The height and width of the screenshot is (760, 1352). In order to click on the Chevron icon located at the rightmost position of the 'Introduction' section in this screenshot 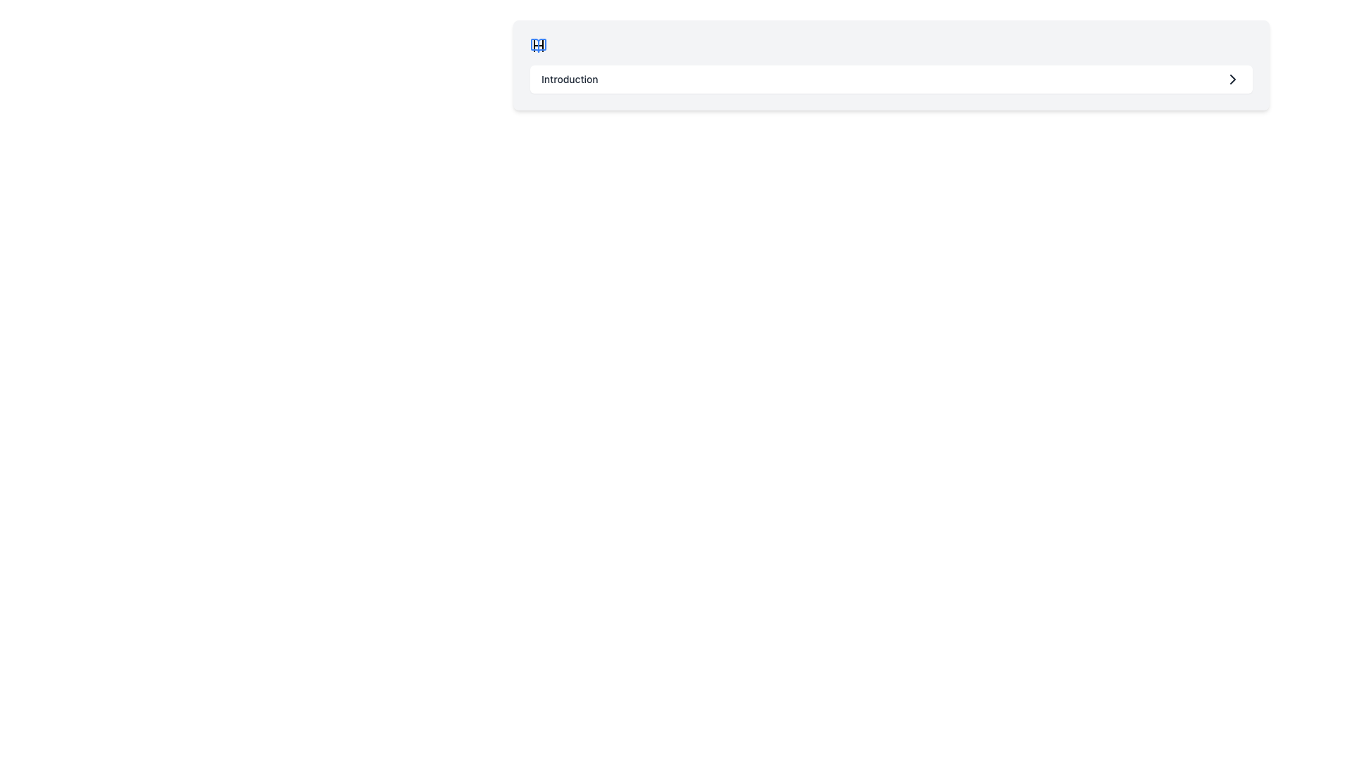, I will do `click(1232, 79)`.